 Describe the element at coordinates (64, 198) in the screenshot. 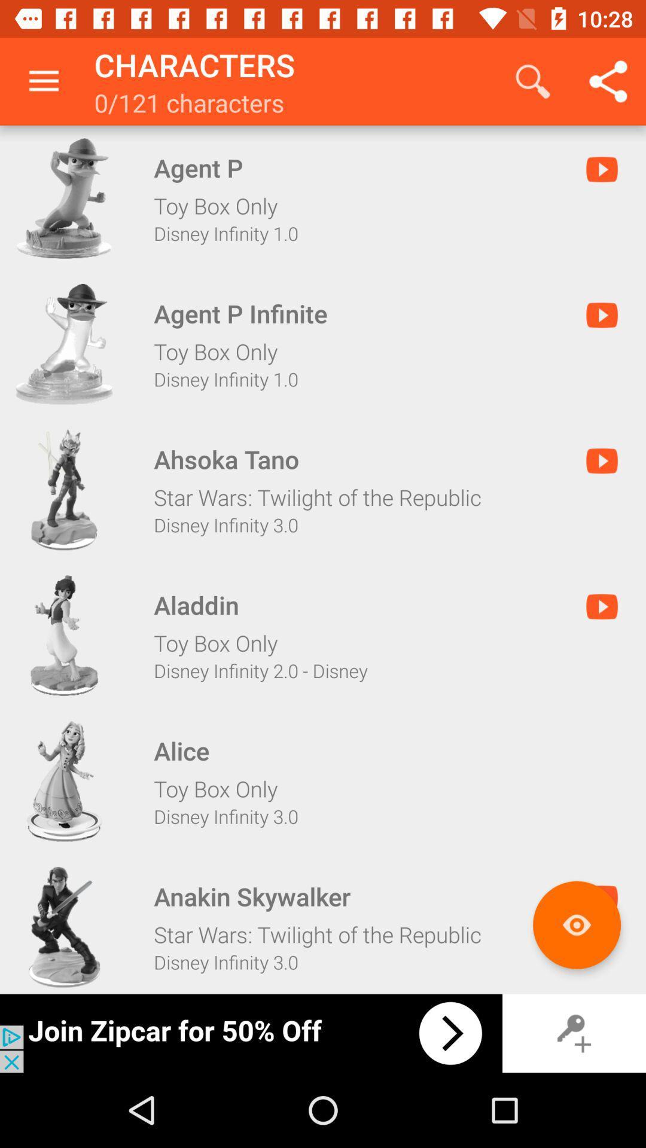

I see `character` at that location.